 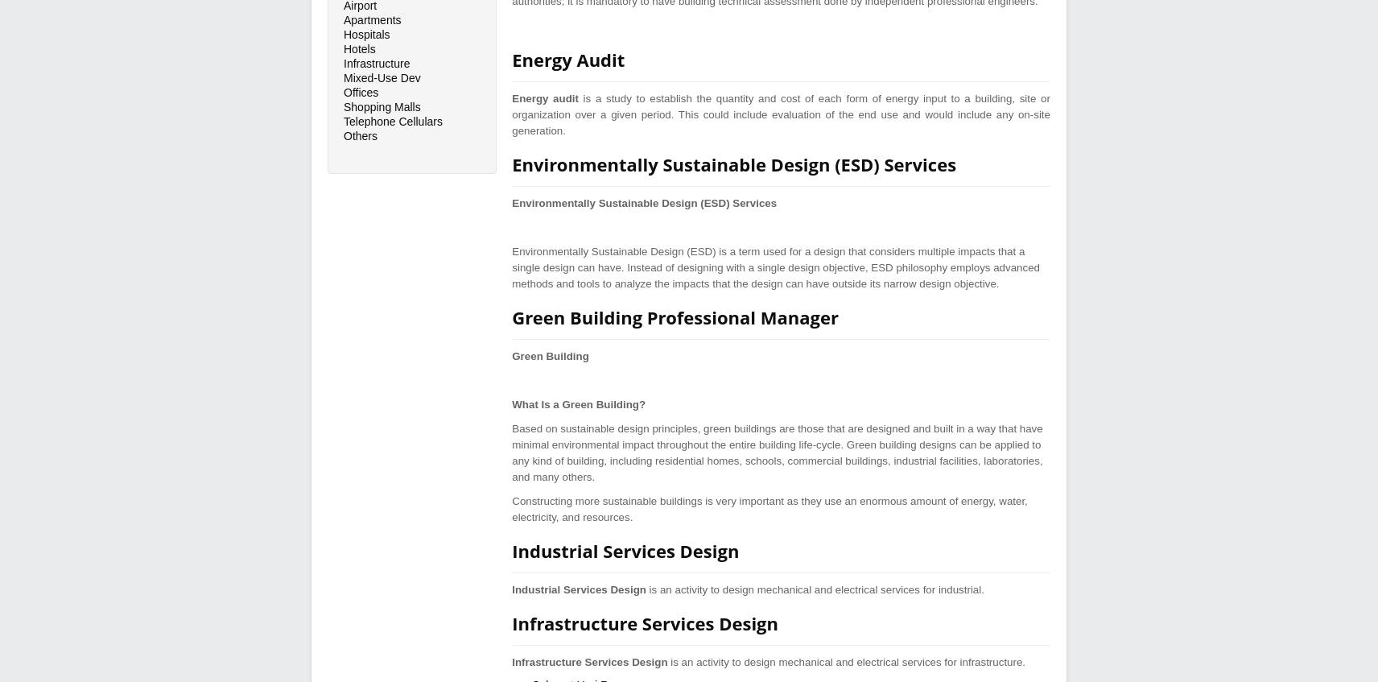 I want to click on 'Infrastructure', so click(x=376, y=63).